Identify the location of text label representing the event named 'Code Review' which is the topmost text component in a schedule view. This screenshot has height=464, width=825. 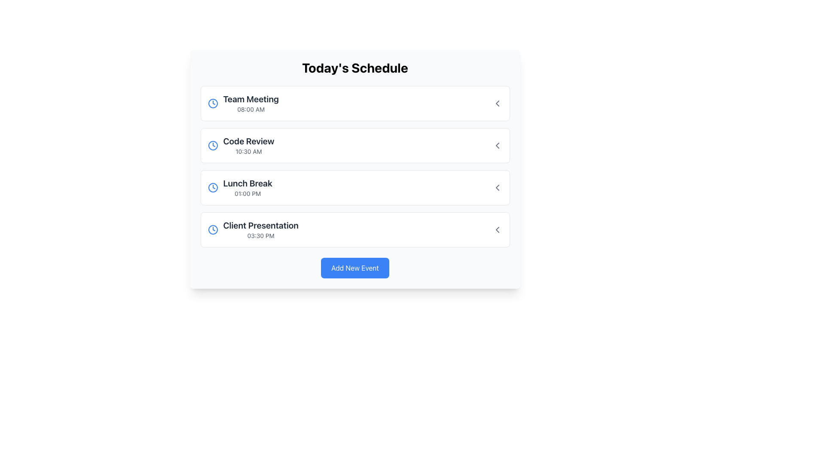
(248, 140).